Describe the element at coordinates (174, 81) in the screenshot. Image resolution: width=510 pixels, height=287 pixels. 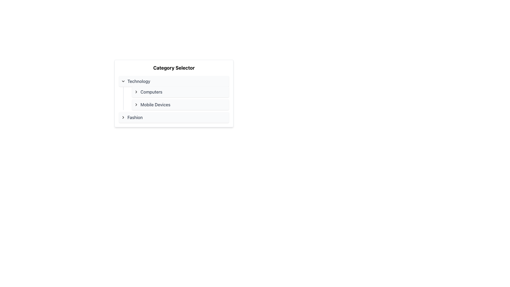
I see `the category selector button for 'Technology'` at that location.